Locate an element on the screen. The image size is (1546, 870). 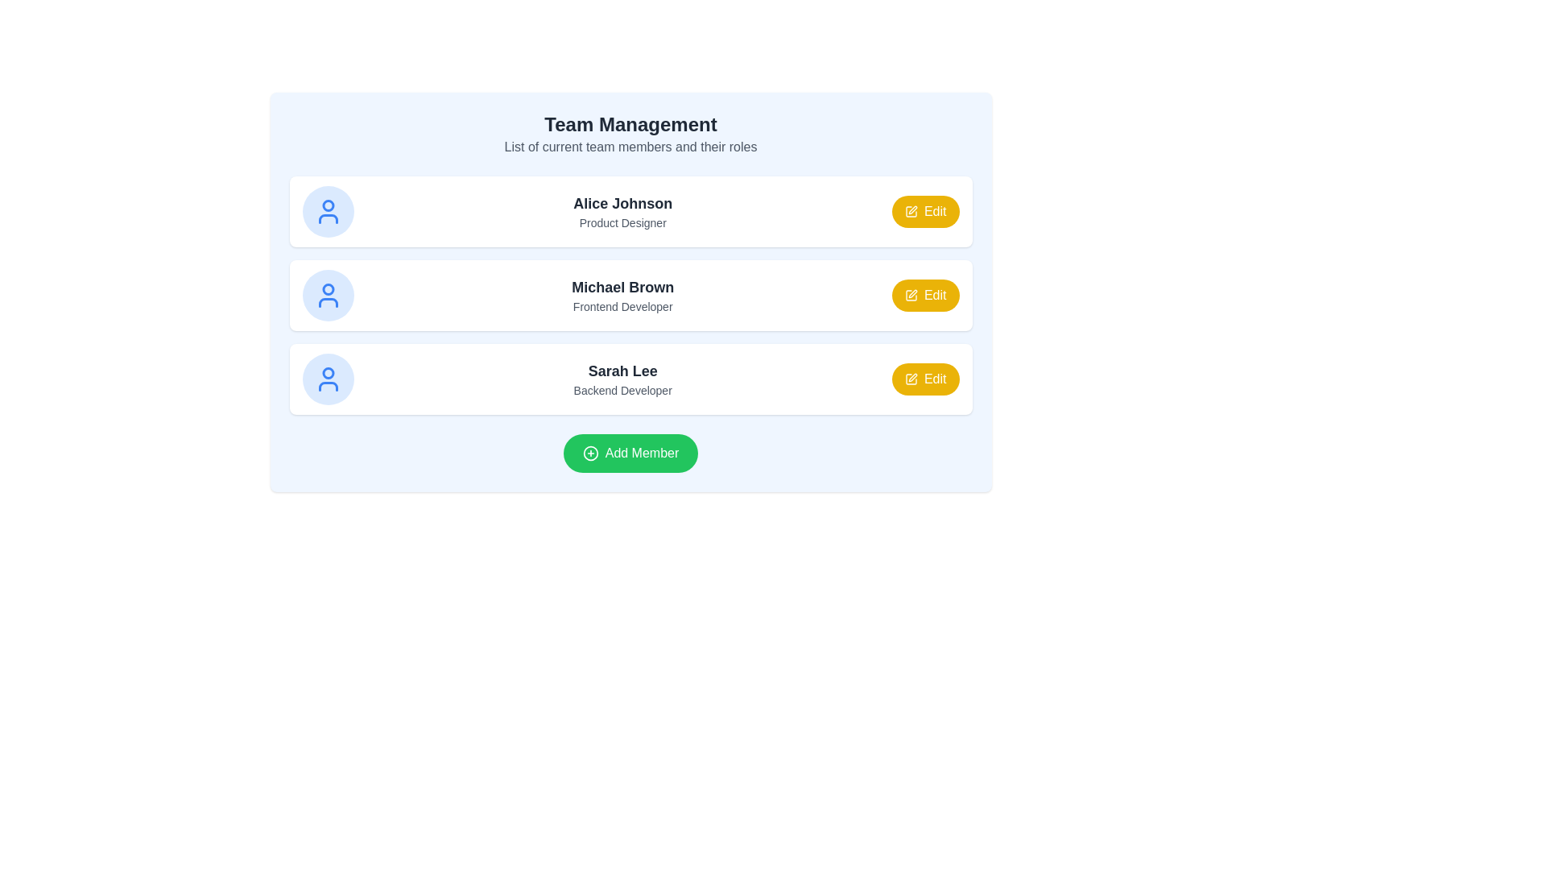
the SVG Icon indicating the 'Edit' button for 'Alice Johnson, Product Designer' located in the topmost list item under 'Team Management' is located at coordinates (911, 210).